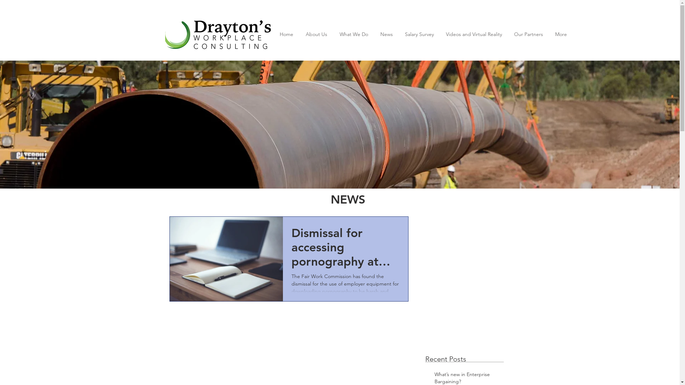 This screenshot has width=685, height=385. What do you see at coordinates (353, 34) in the screenshot?
I see `'What We Do'` at bounding box center [353, 34].